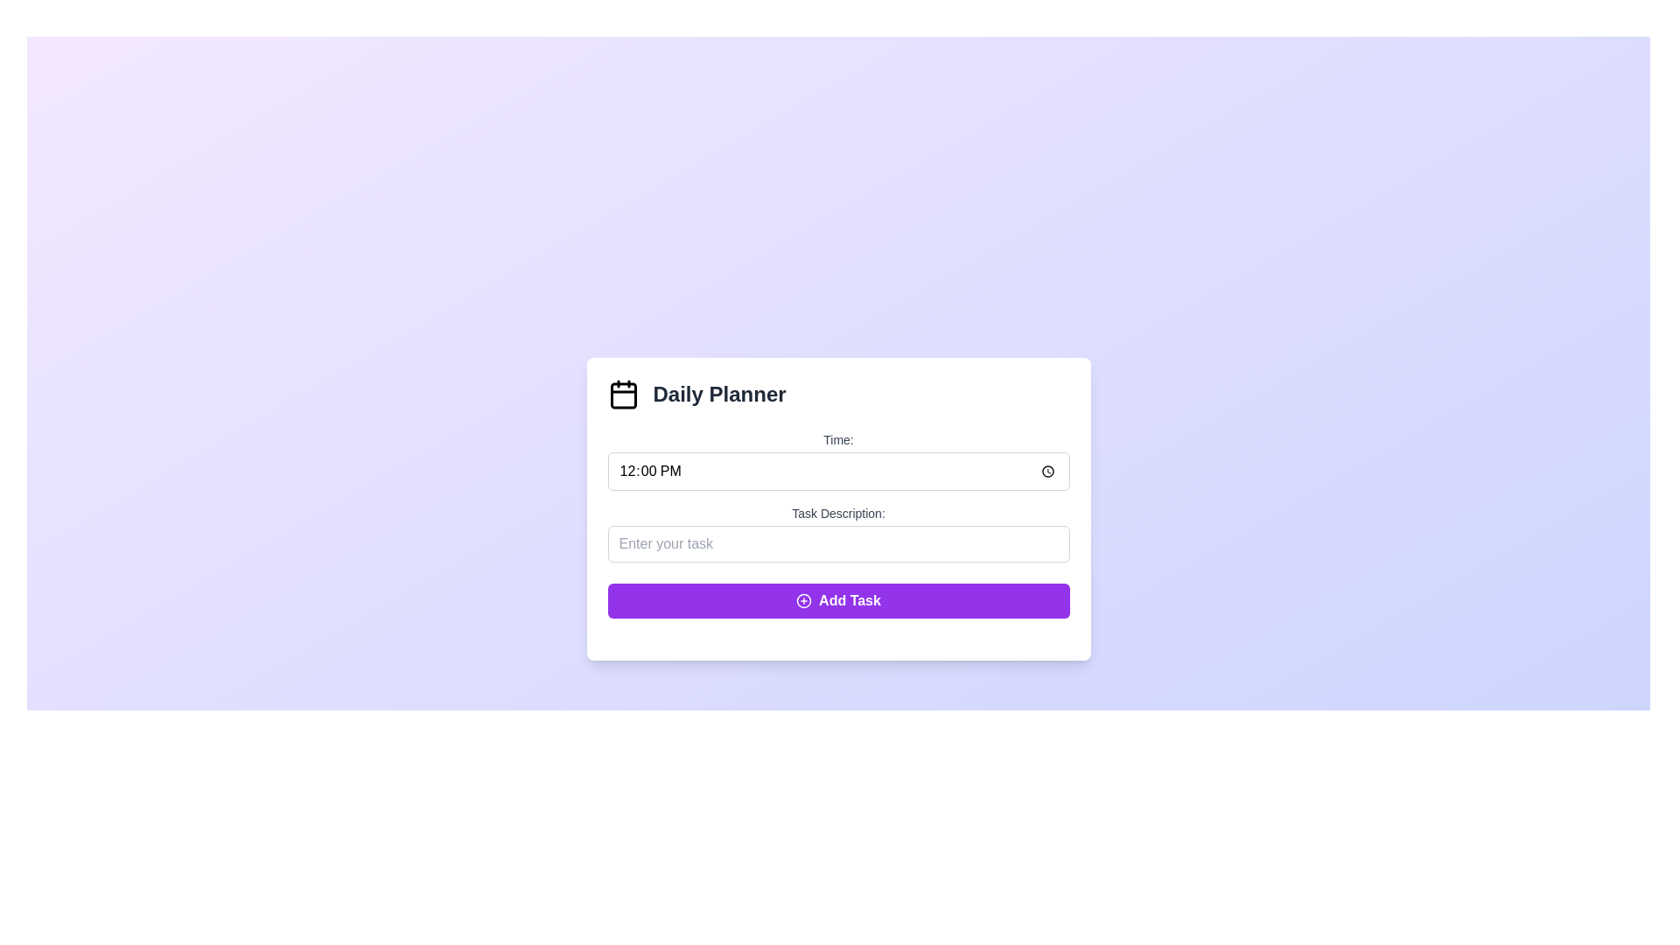 The height and width of the screenshot is (945, 1680). I want to click on the descriptive text label for the input field, which is located within a white card, positioned below the 'Time:' row and above the 'Enter your task' input field, so click(837, 512).